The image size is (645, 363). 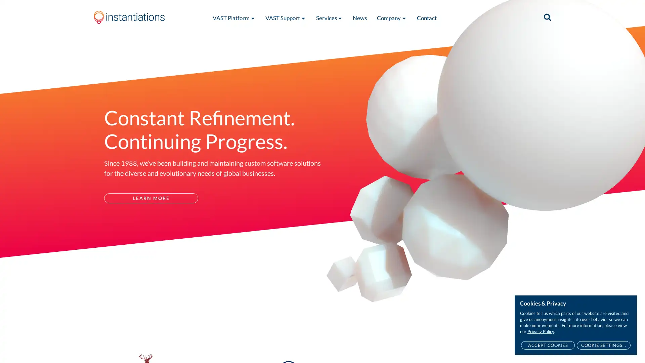 I want to click on COOKIE SETTINGS..., so click(x=603, y=345).